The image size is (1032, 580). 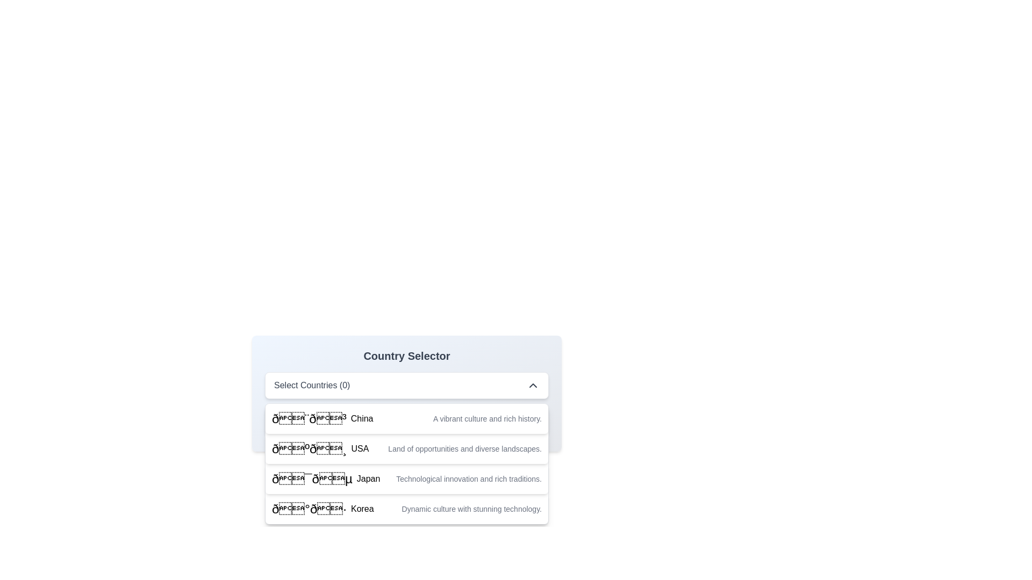 What do you see at coordinates (471, 509) in the screenshot?
I see `the Text label containing the phrase 'Dynamic culture with stunning technology.' located to the right of the 'Korea' label in the list below the 'Country Selector' header` at bounding box center [471, 509].